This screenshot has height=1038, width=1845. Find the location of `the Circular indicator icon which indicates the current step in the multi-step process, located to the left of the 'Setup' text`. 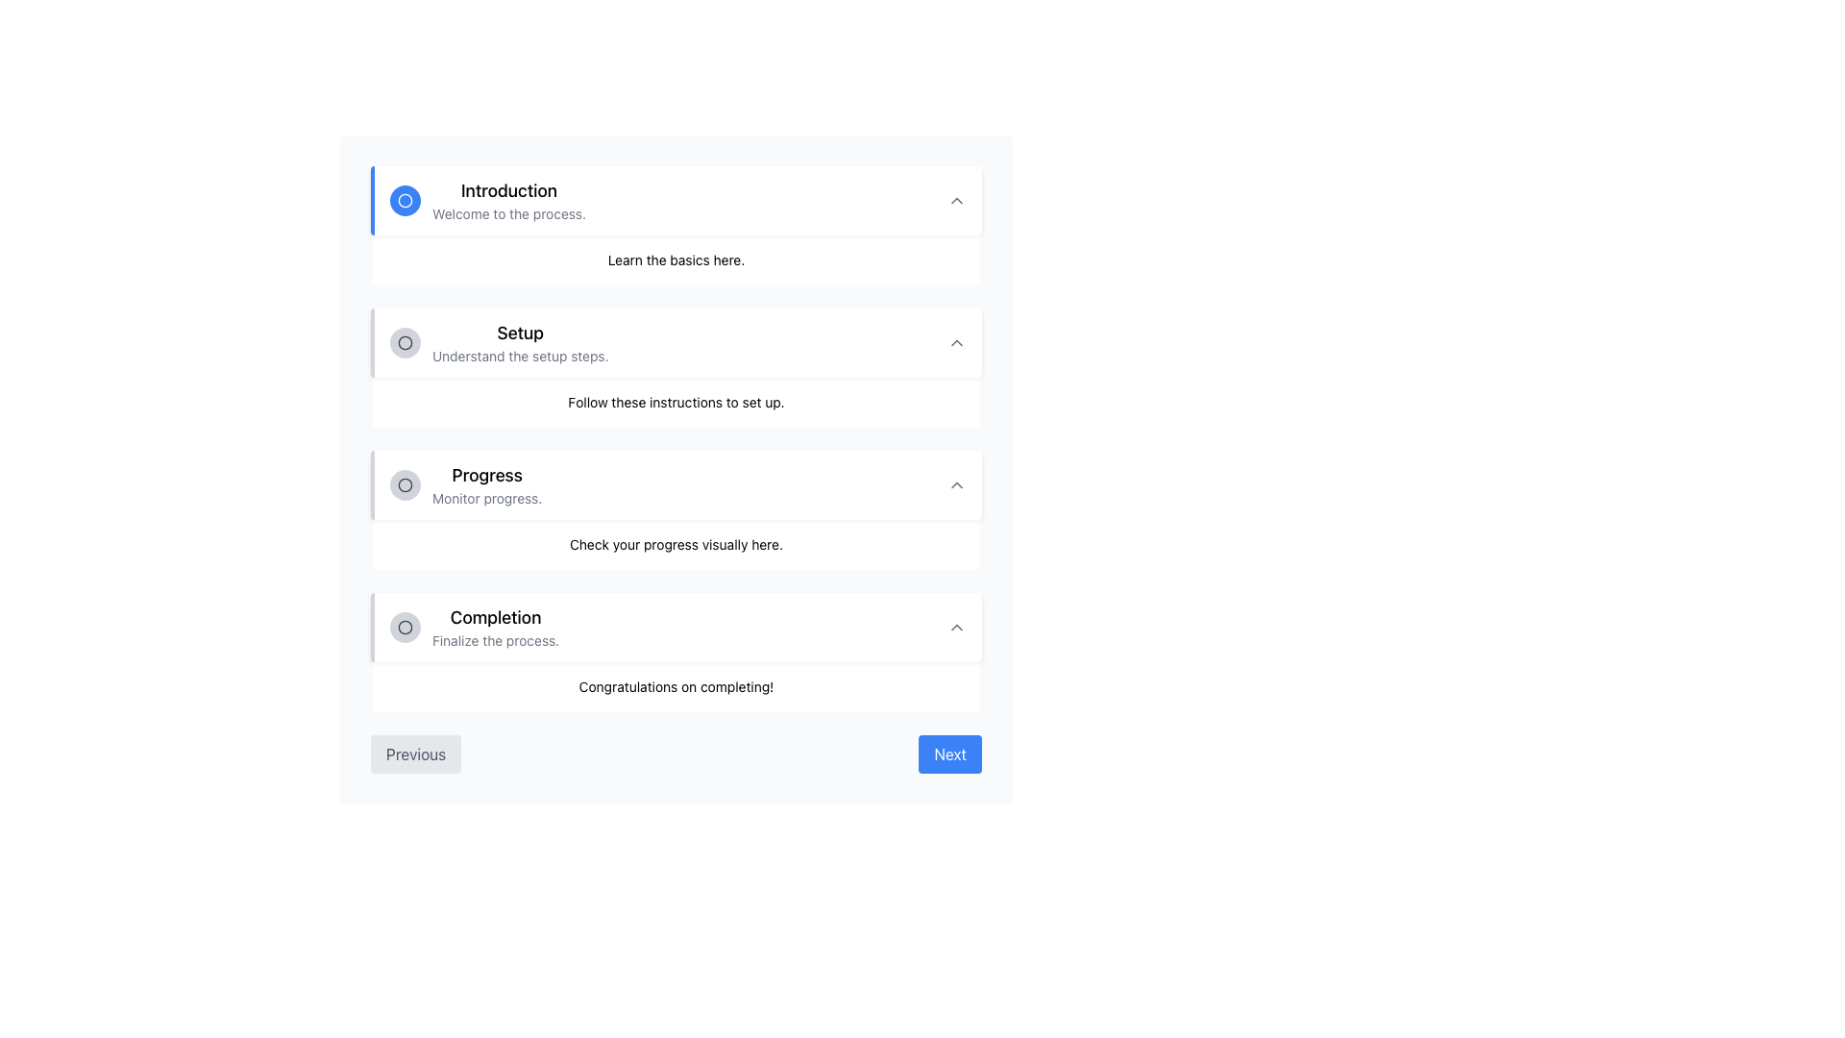

the Circular indicator icon which indicates the current step in the multi-step process, located to the left of the 'Setup' text is located at coordinates (405, 342).